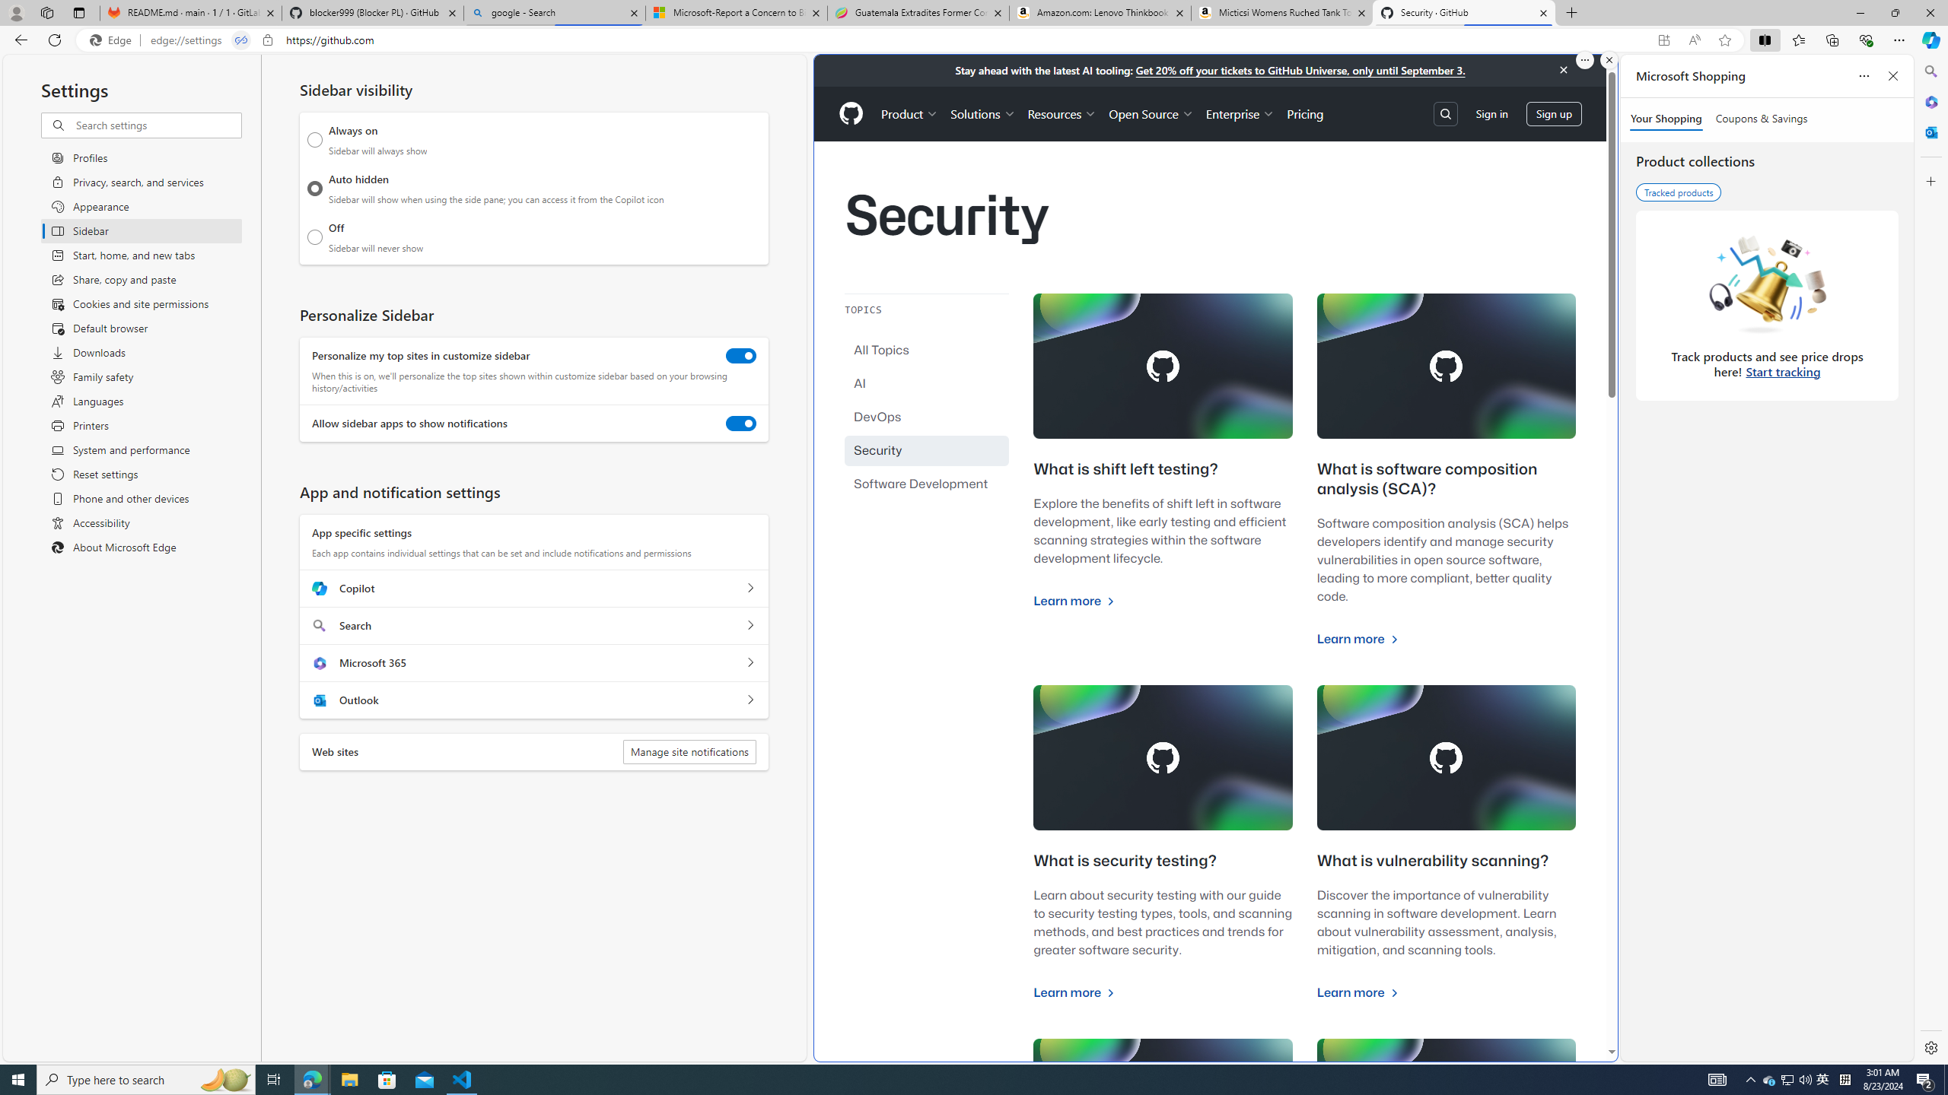 This screenshot has height=1095, width=1948. What do you see at coordinates (241, 40) in the screenshot?
I see `'Tabs in split screen'` at bounding box center [241, 40].